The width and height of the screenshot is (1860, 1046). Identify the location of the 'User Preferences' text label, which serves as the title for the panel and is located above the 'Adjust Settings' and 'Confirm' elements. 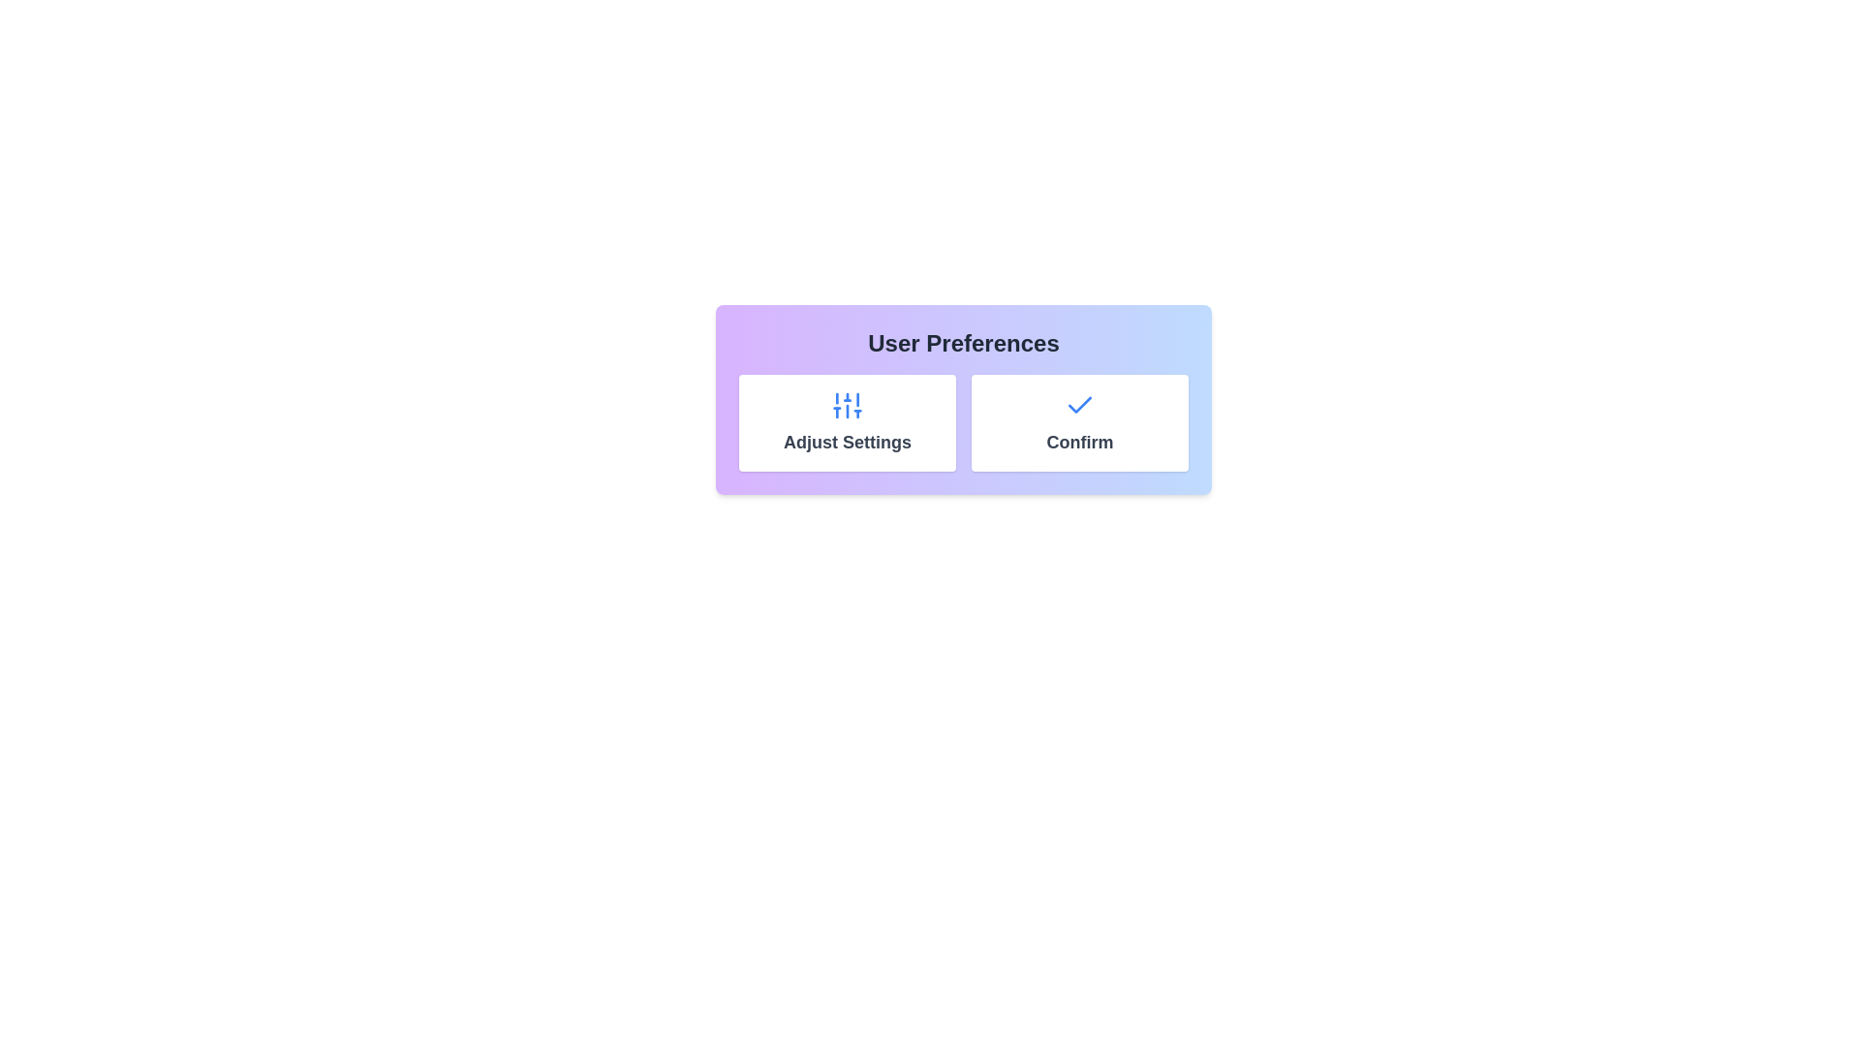
(963, 342).